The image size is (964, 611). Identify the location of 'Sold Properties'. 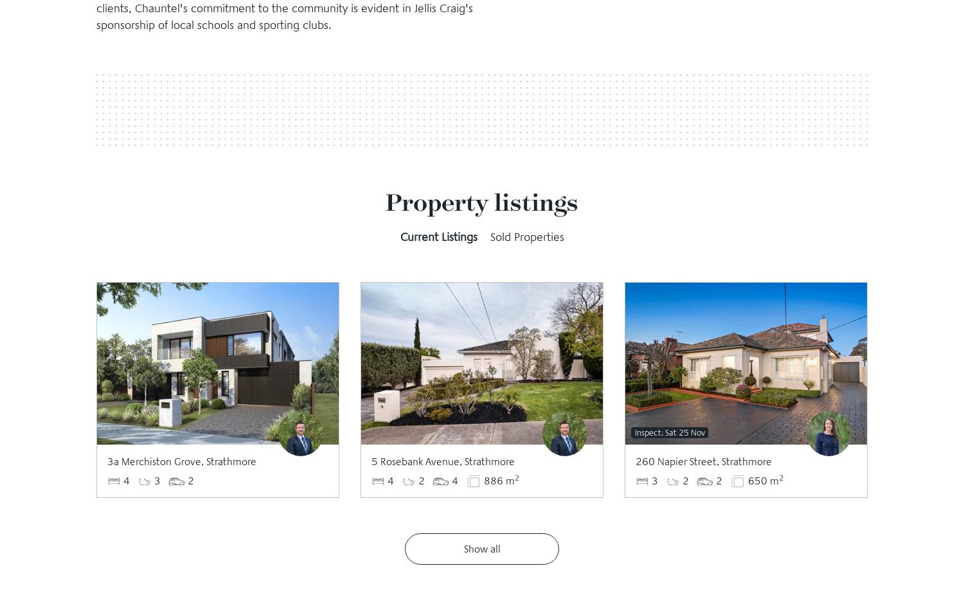
(526, 236).